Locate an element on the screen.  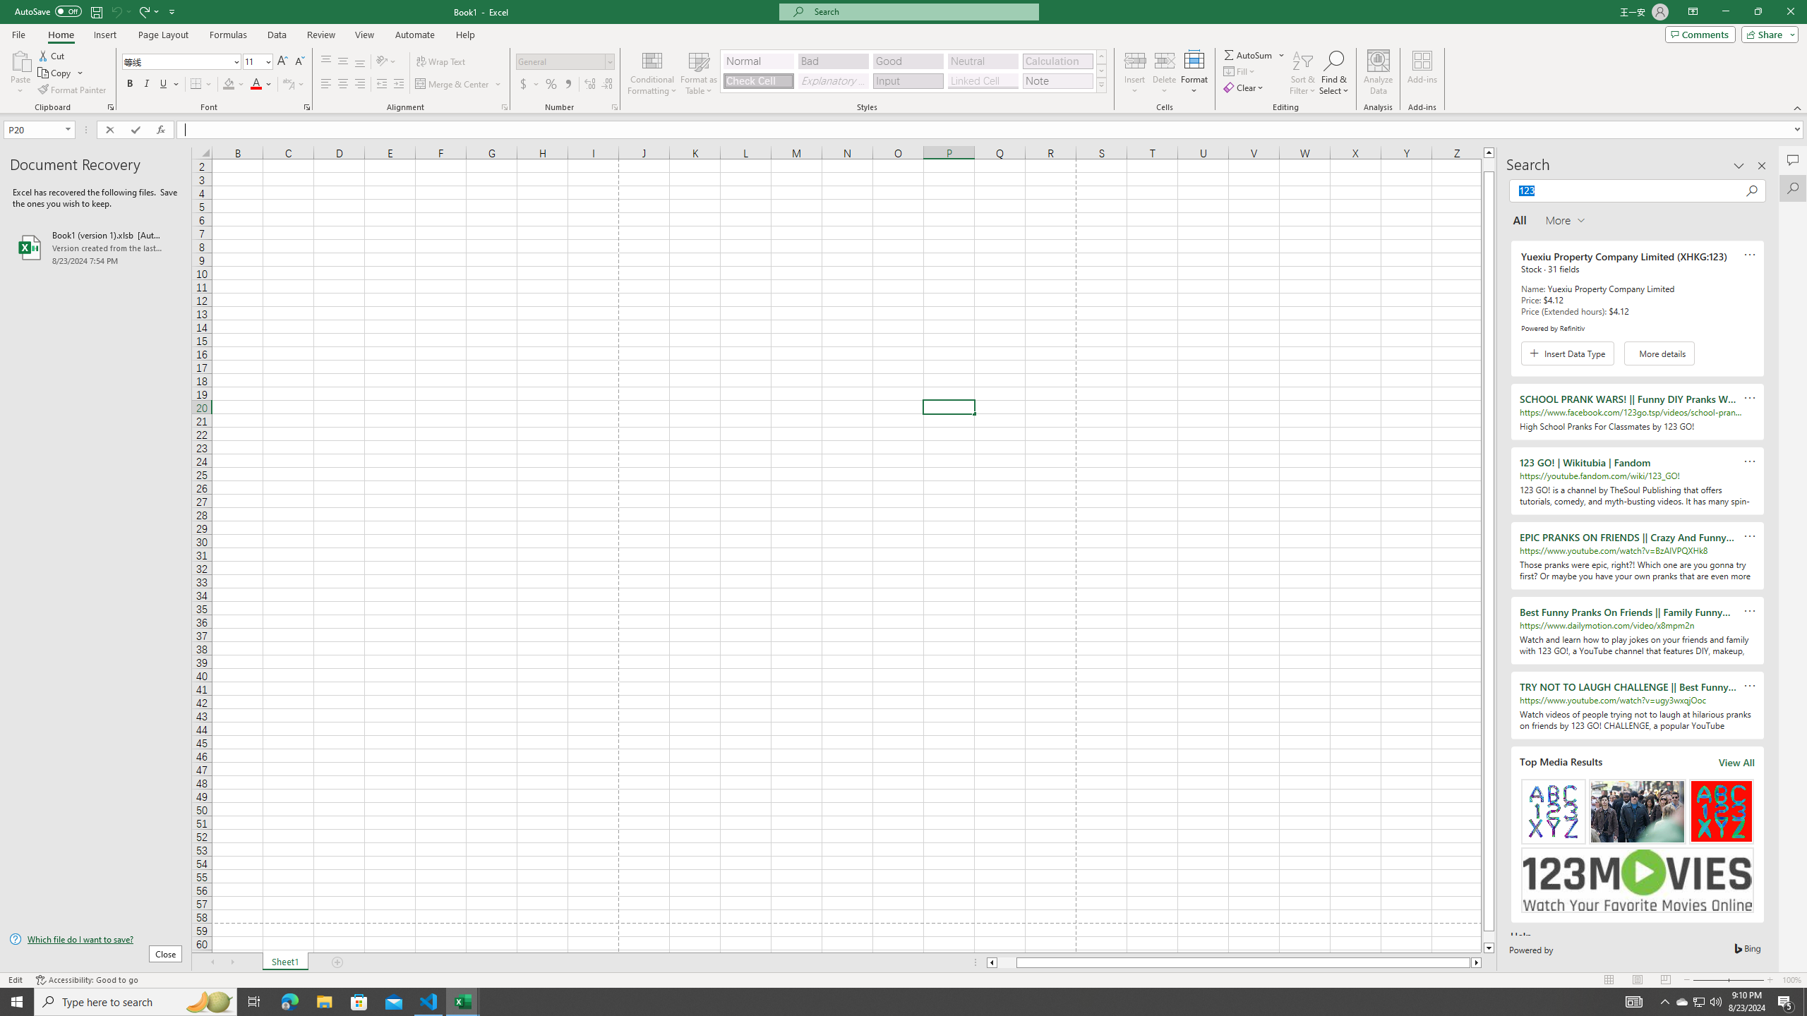
'Bottom Border' is located at coordinates (196, 83).